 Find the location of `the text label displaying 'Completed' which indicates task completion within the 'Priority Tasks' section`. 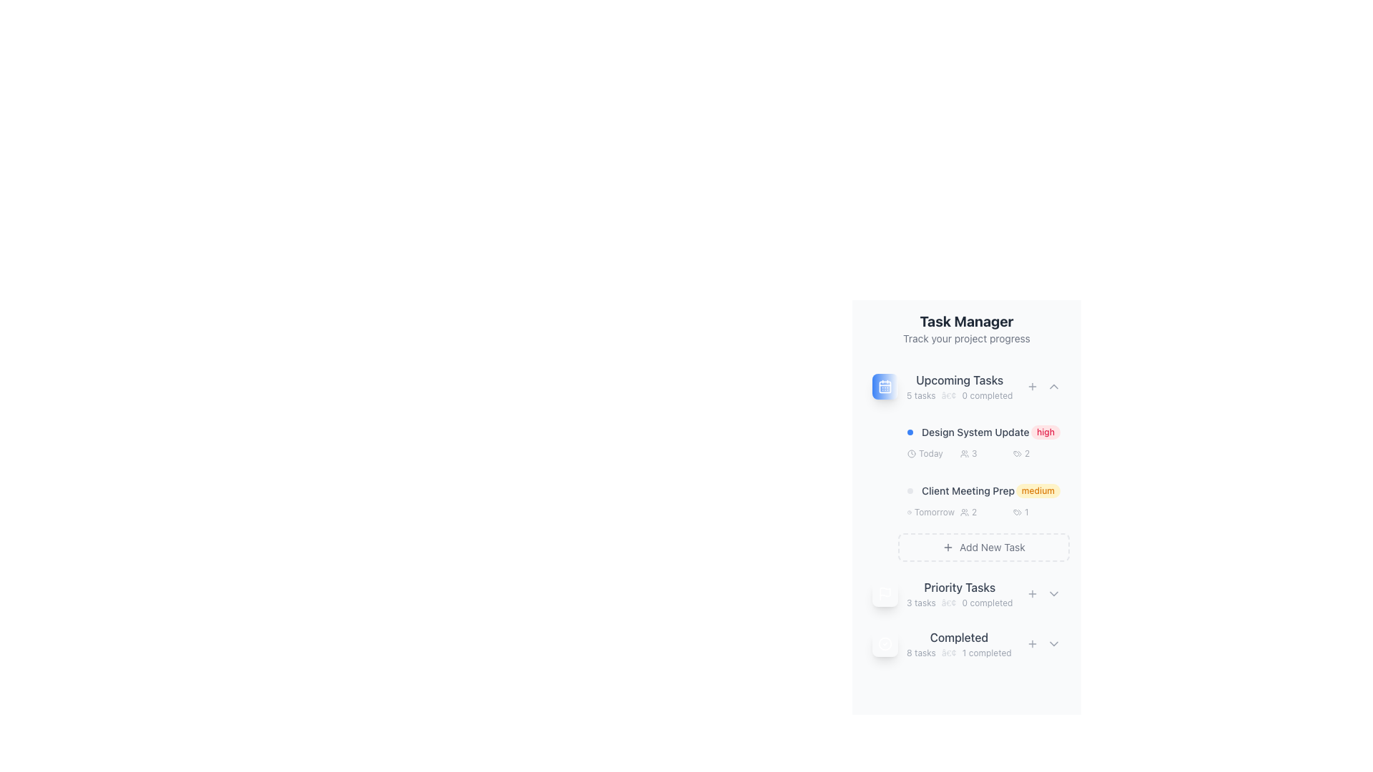

the text label displaying 'Completed' which indicates task completion within the 'Priority Tasks' section is located at coordinates (959, 636).